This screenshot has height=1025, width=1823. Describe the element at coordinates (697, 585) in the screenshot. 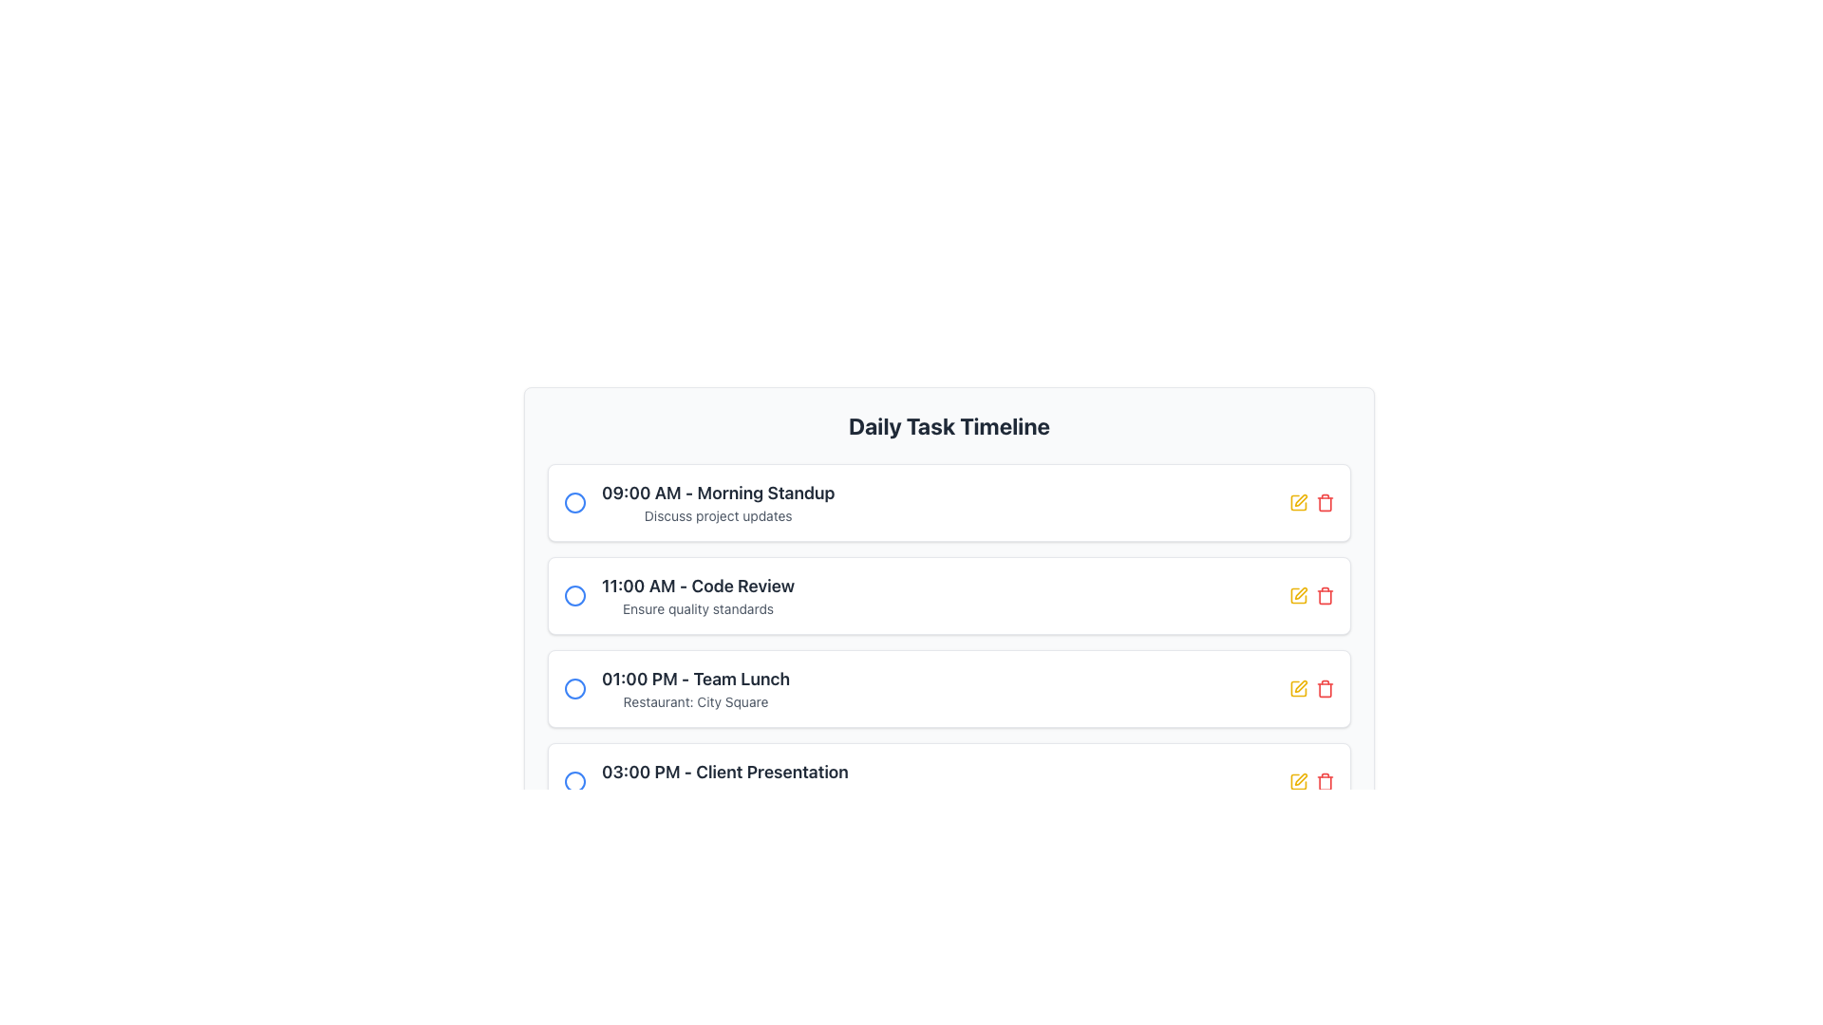

I see `text item that displays '11:00 AM - Code Review,' which is bold and larger than surrounding text, located in the second row of the timeline above 'Ensure quality standards.'` at that location.